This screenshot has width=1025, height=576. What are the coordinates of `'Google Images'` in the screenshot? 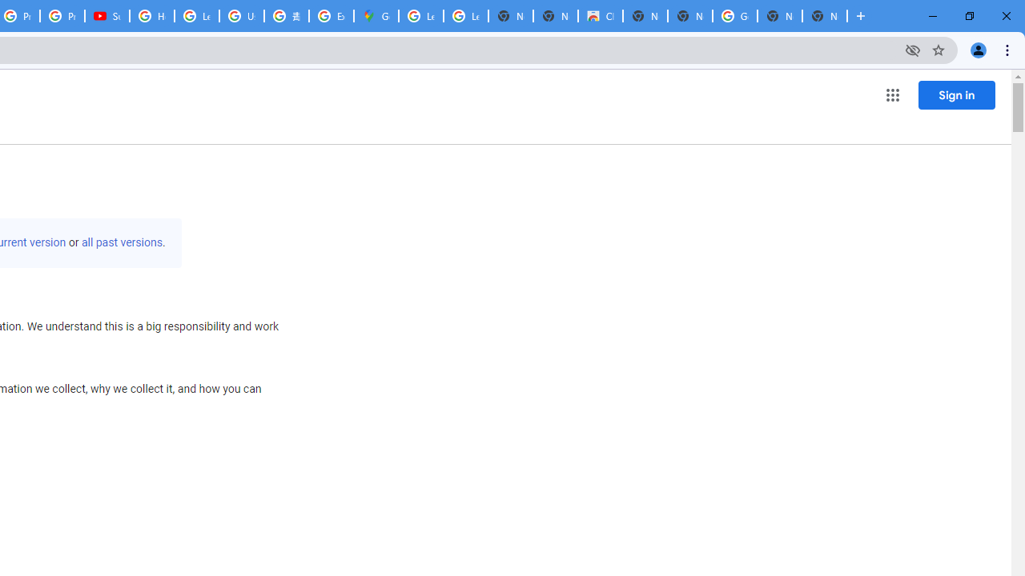 It's located at (734, 16).